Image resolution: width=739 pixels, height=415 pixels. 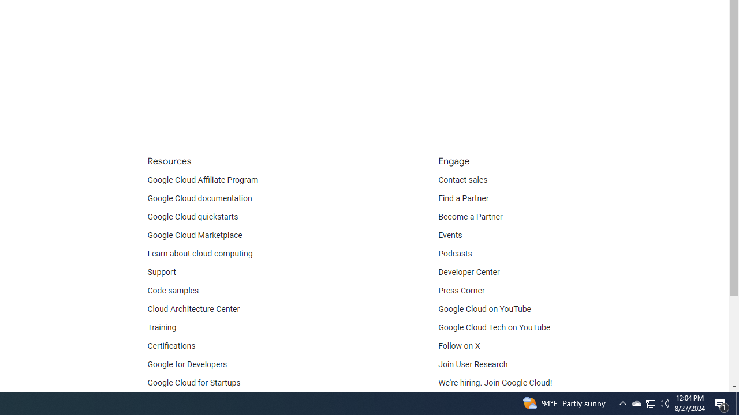 What do you see at coordinates (494, 327) in the screenshot?
I see `'Google Cloud Tech on YouTube'` at bounding box center [494, 327].